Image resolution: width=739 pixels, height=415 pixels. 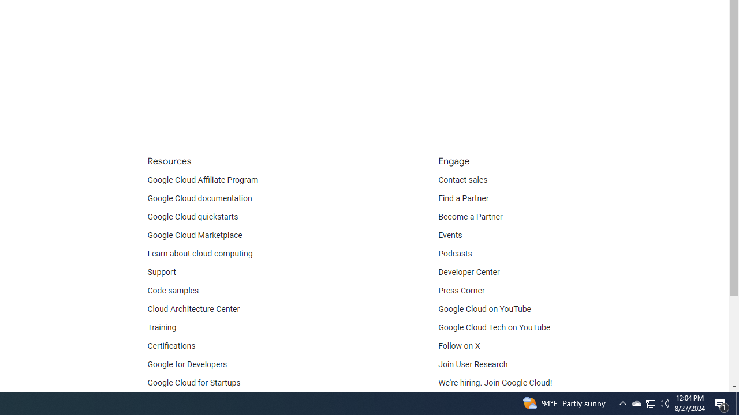 What do you see at coordinates (494, 327) in the screenshot?
I see `'Google Cloud Tech on YouTube'` at bounding box center [494, 327].